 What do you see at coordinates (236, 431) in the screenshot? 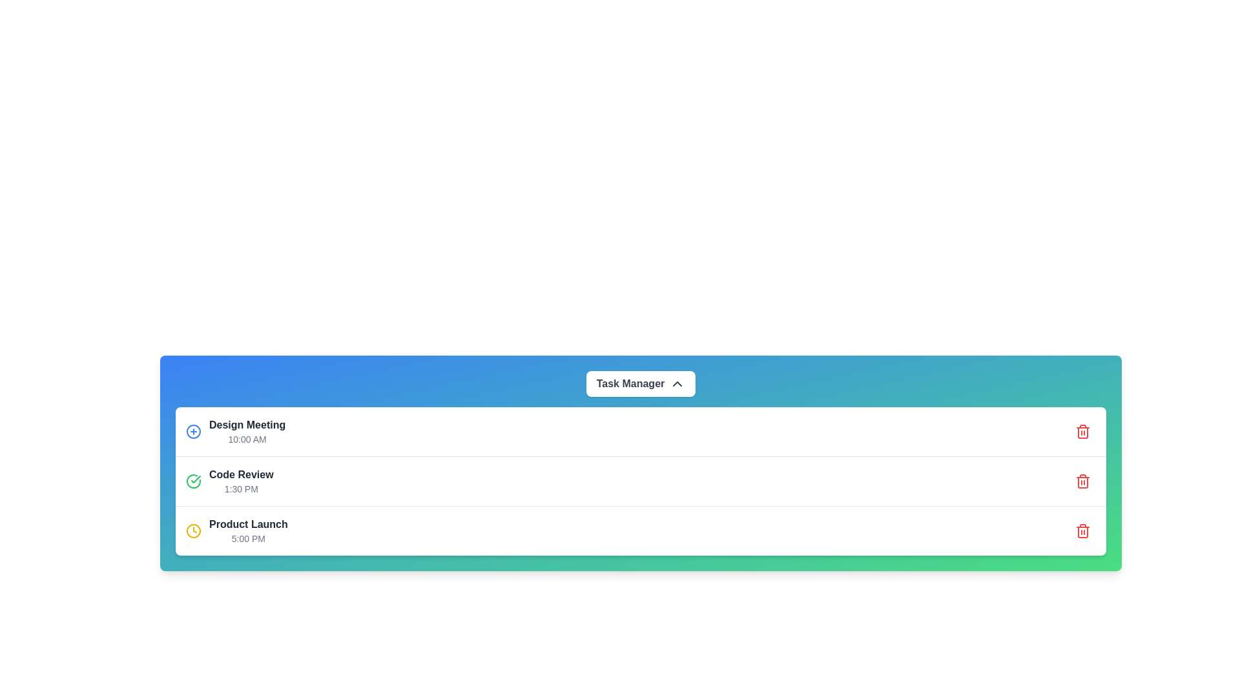
I see `the blue circular icon with a plus symbol inside, located in the first list item of the task list, titled 'Design Meeting'` at bounding box center [236, 431].